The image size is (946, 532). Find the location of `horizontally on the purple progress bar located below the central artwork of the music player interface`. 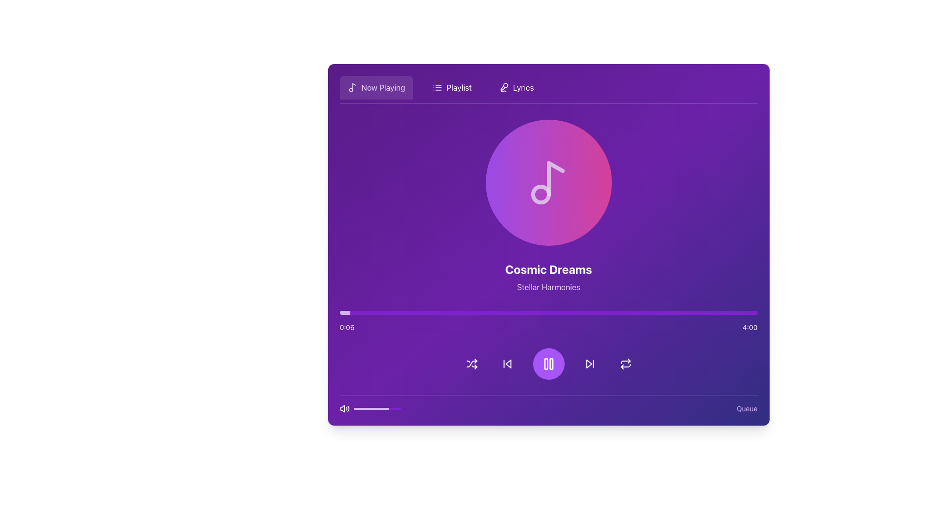

horizontally on the purple progress bar located below the central artwork of the music player interface is located at coordinates (548, 311).